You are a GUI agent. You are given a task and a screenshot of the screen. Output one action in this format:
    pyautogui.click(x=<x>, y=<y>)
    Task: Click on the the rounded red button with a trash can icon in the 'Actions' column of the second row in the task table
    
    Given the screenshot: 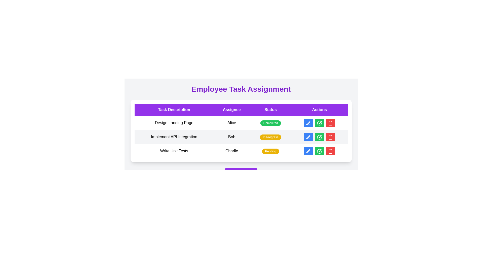 What is the action you would take?
    pyautogui.click(x=331, y=137)
    